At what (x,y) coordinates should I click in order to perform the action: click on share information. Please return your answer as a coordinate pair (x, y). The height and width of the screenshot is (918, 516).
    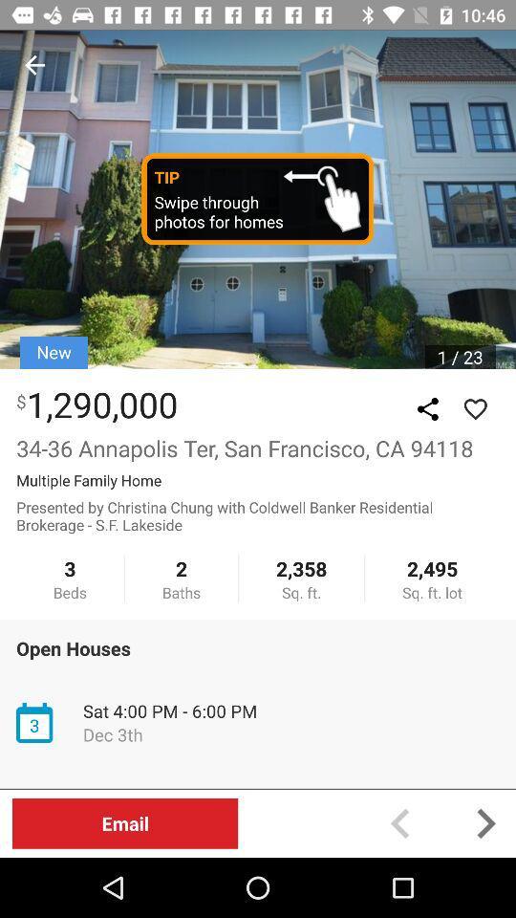
    Looking at the image, I should click on (427, 409).